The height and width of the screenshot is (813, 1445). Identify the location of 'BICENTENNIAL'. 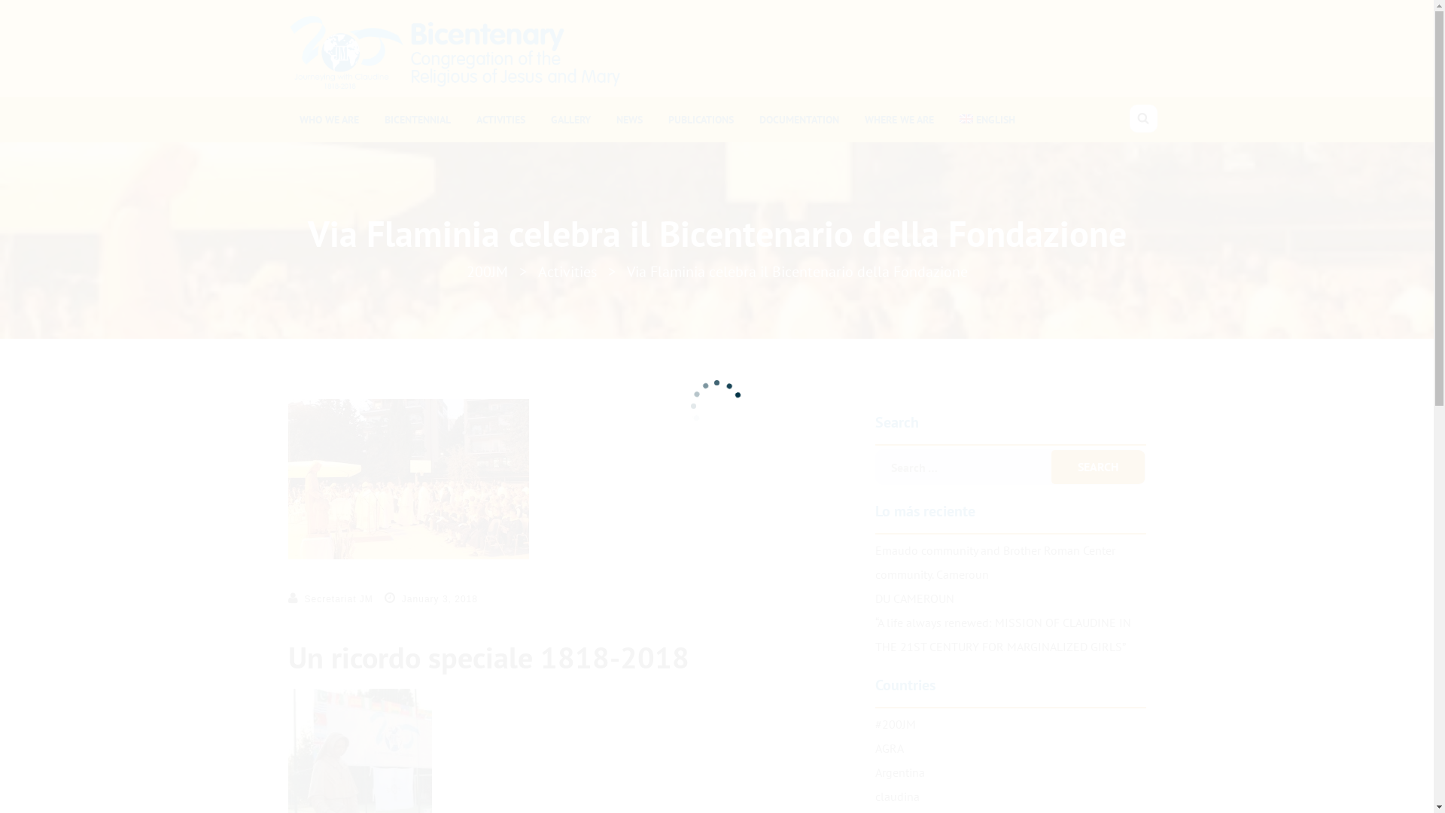
(418, 118).